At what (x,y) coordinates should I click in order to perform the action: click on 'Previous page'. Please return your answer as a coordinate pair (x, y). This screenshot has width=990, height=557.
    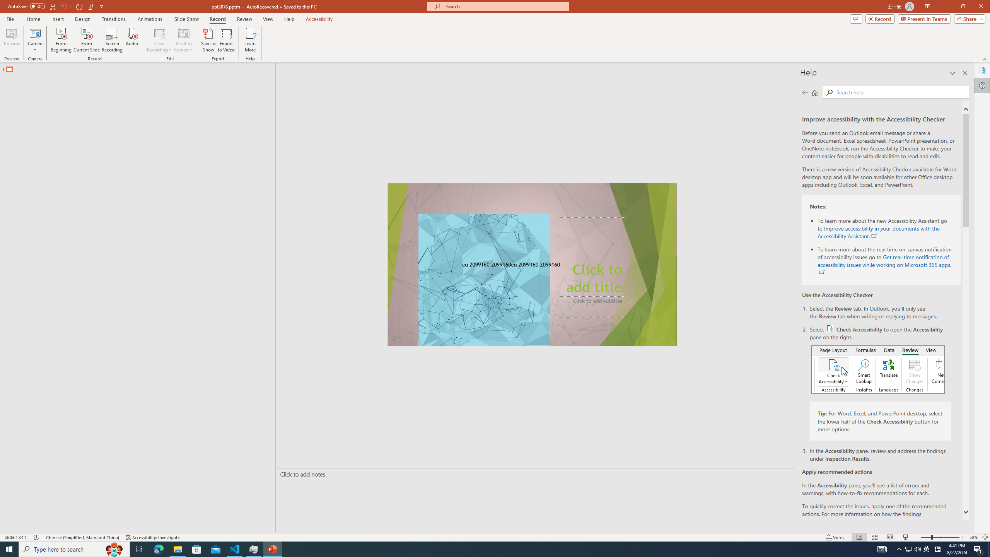
    Looking at the image, I should click on (804, 92).